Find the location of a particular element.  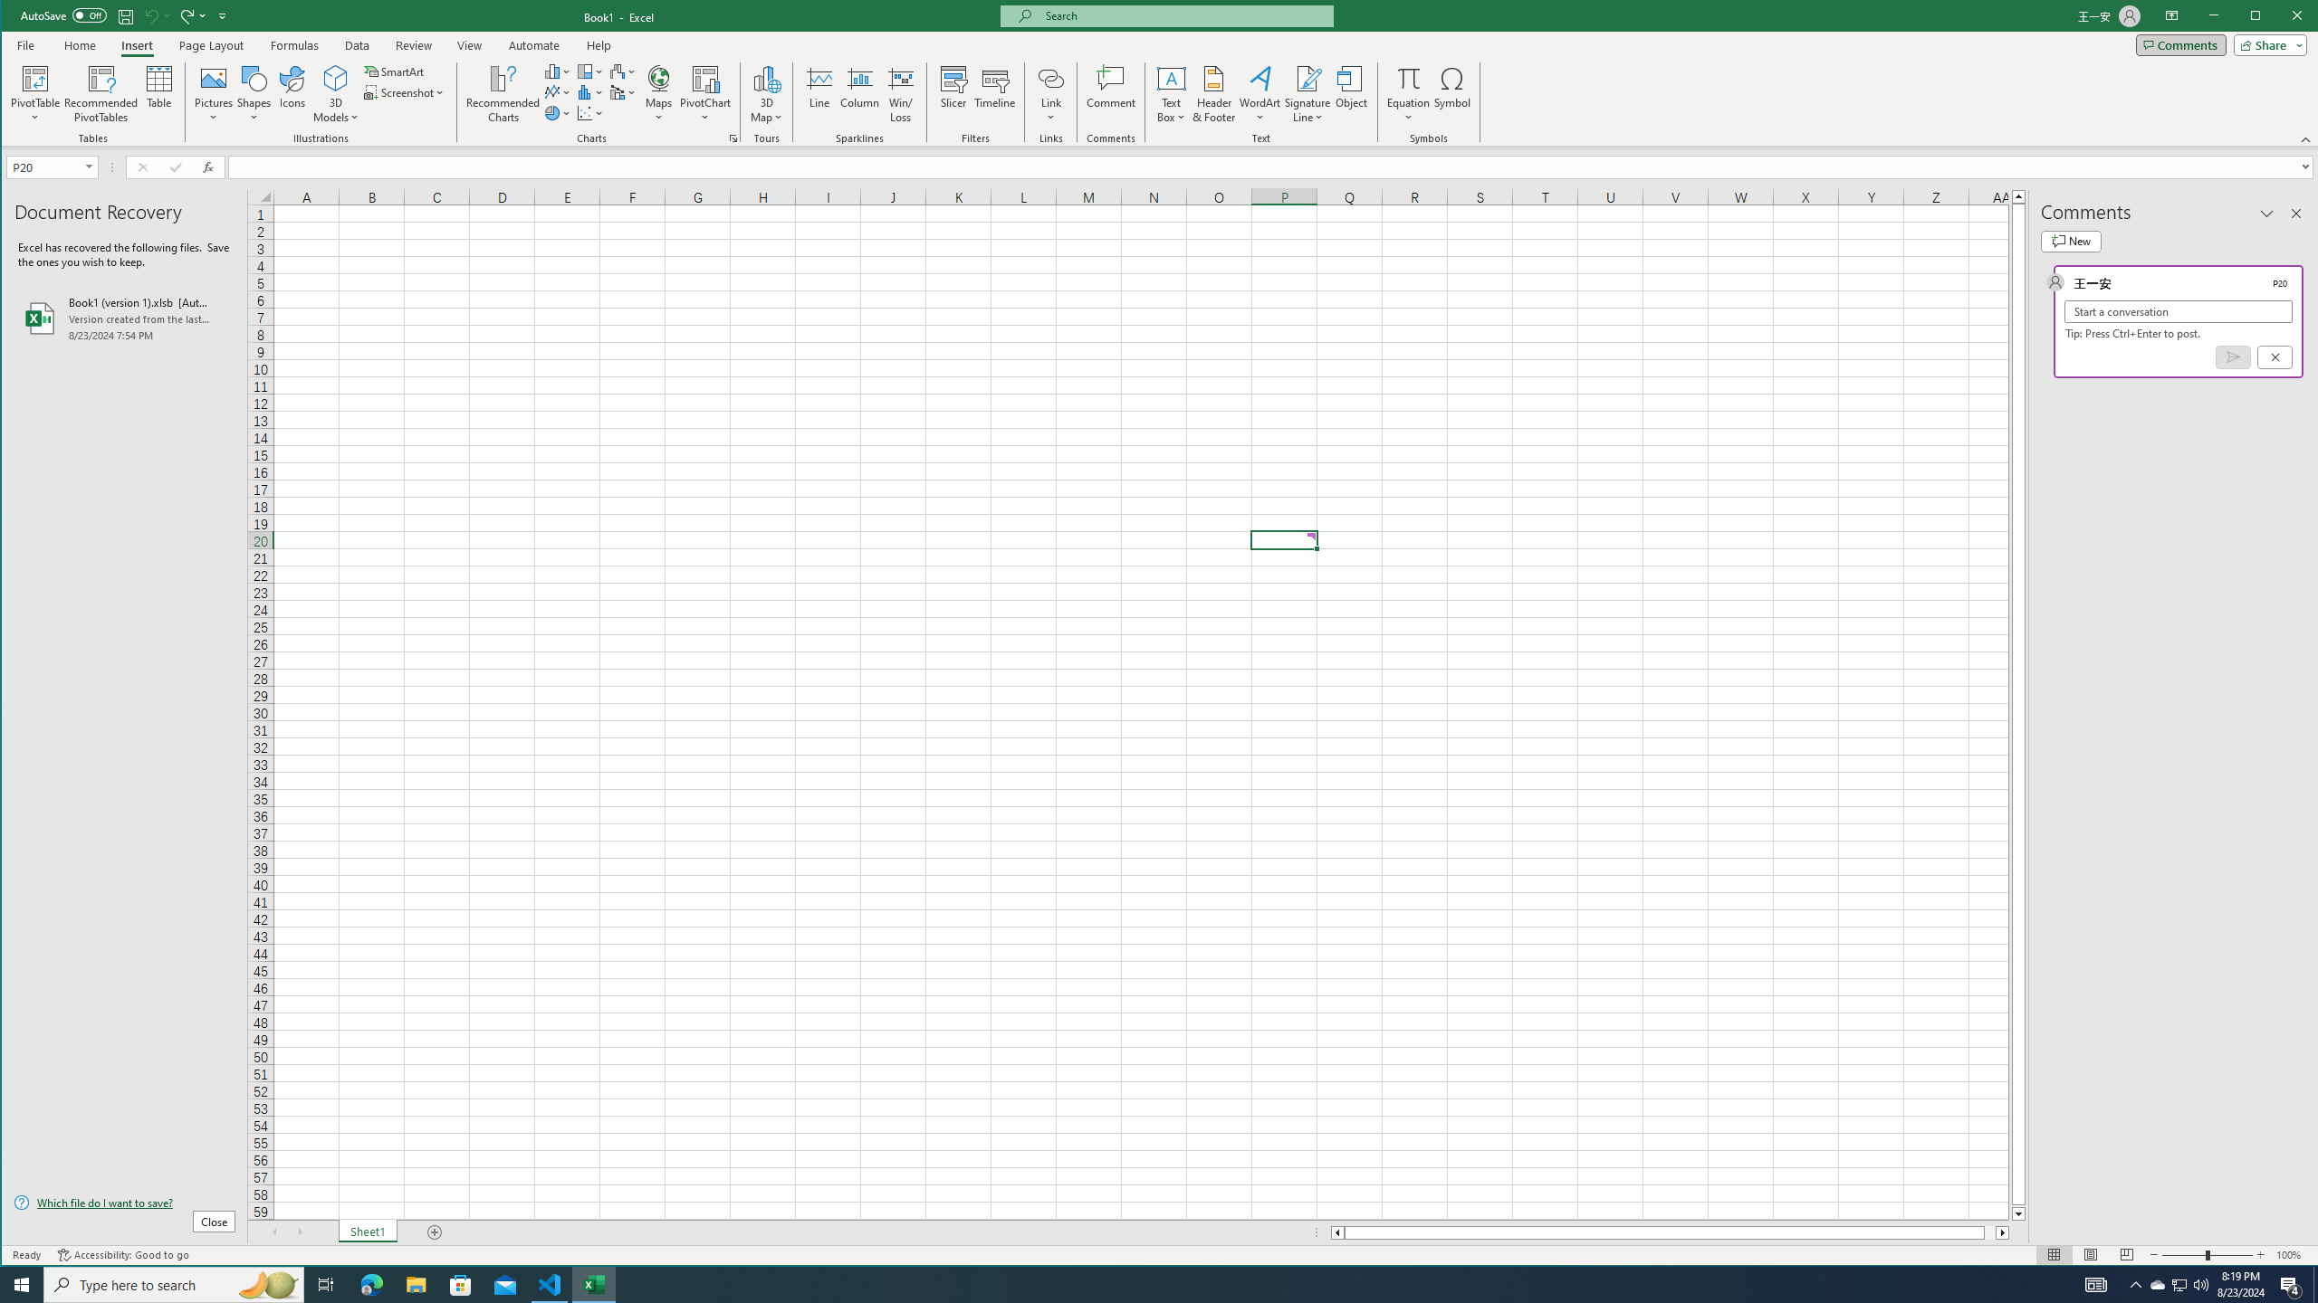

'Visual Studio Code - 1 running window' is located at coordinates (550, 1283).